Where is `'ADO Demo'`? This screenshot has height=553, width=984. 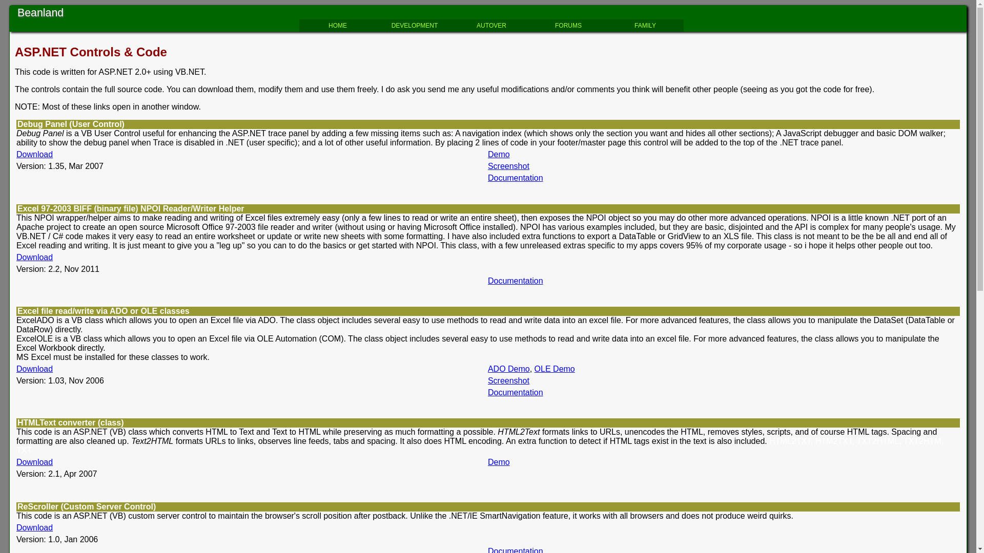
'ADO Demo' is located at coordinates (509, 369).